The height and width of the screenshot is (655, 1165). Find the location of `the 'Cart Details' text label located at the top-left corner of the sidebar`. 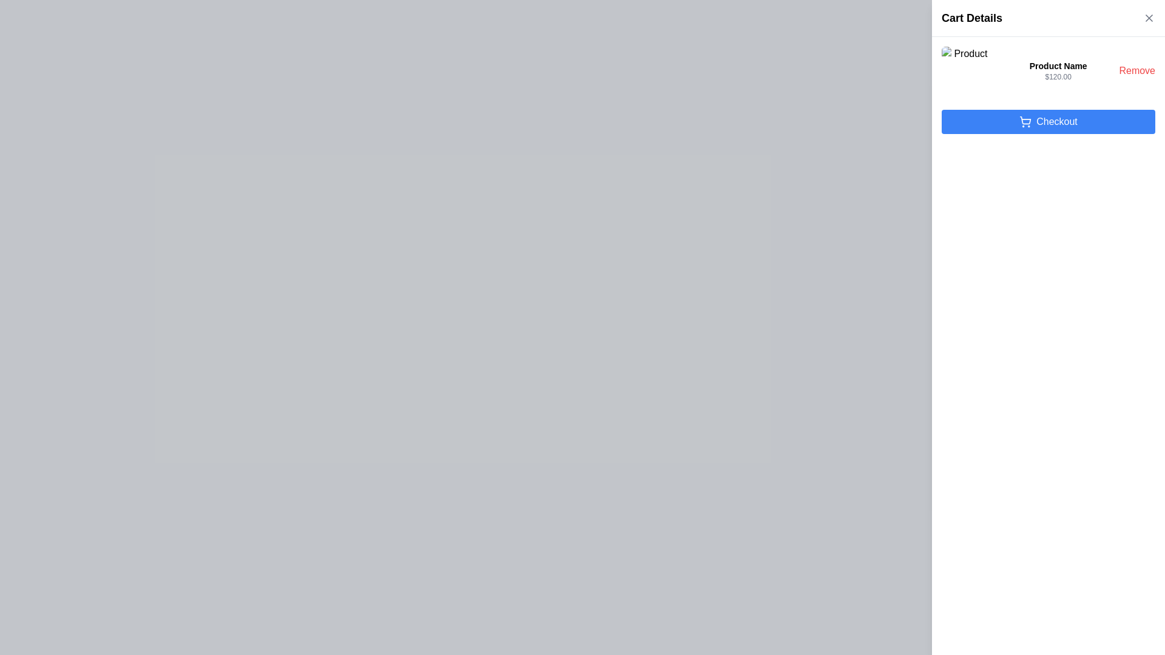

the 'Cart Details' text label located at the top-left corner of the sidebar is located at coordinates (972, 18).